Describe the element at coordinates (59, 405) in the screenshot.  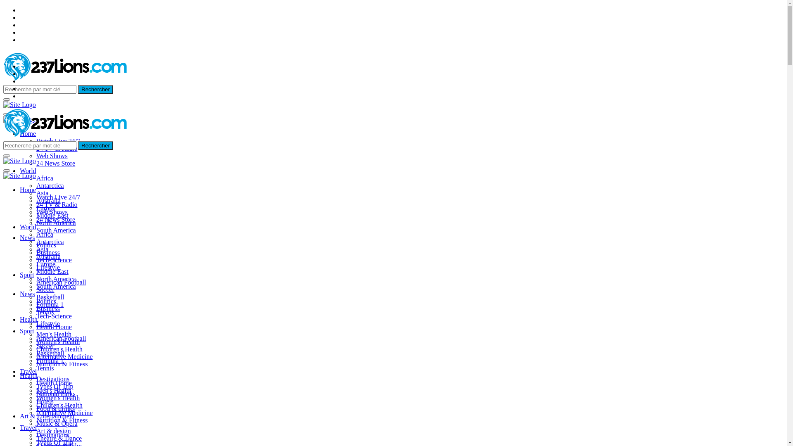
I see `'Children's Health'` at that location.